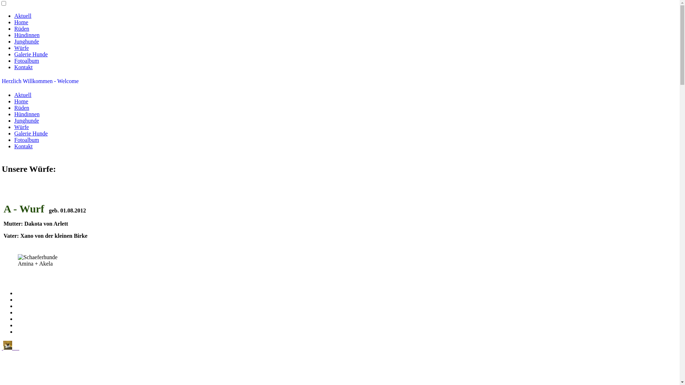 Image resolution: width=685 pixels, height=385 pixels. I want to click on 'Galerie Hunde', so click(30, 54).